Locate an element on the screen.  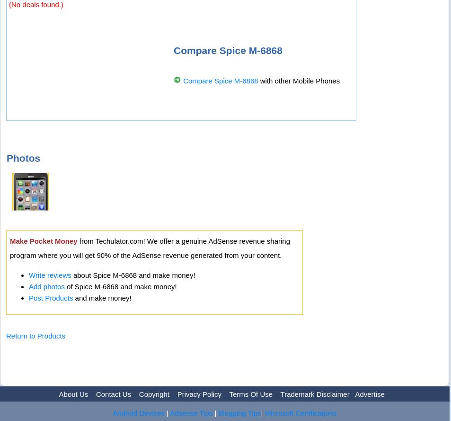
'Blogging Tips' is located at coordinates (217, 412).